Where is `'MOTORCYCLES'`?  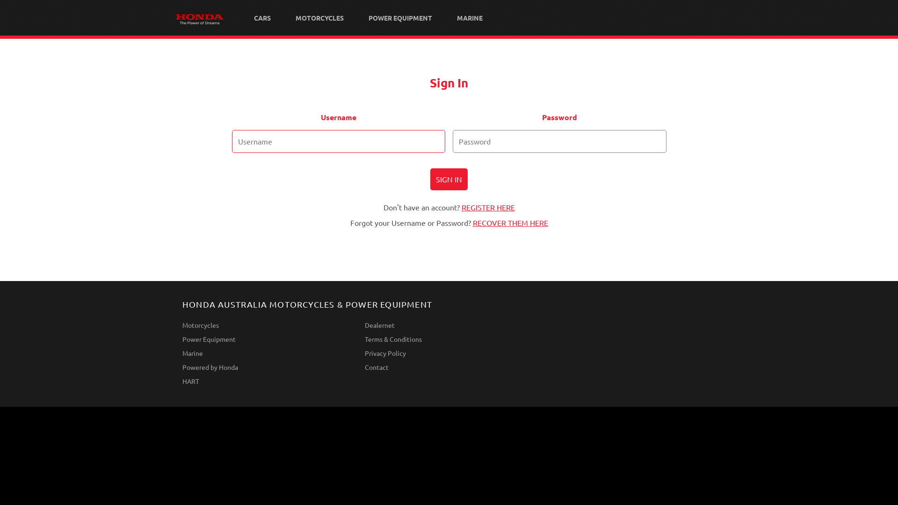 'MOTORCYCLES' is located at coordinates (319, 18).